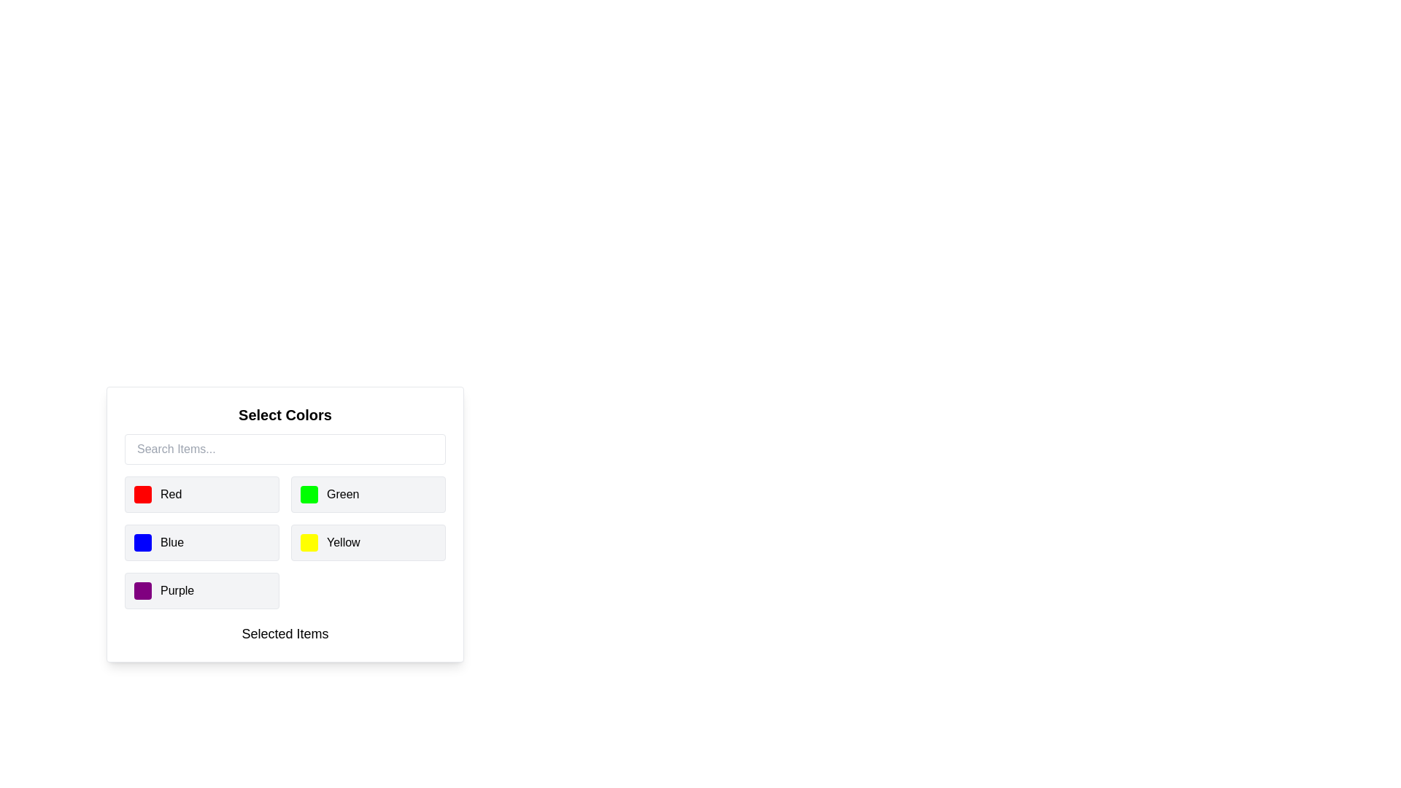  What do you see at coordinates (368, 543) in the screenshot?
I see `the selectable item labeled 'Yellow' in the 'Select Colors' grid layout, located in the second column, third row` at bounding box center [368, 543].